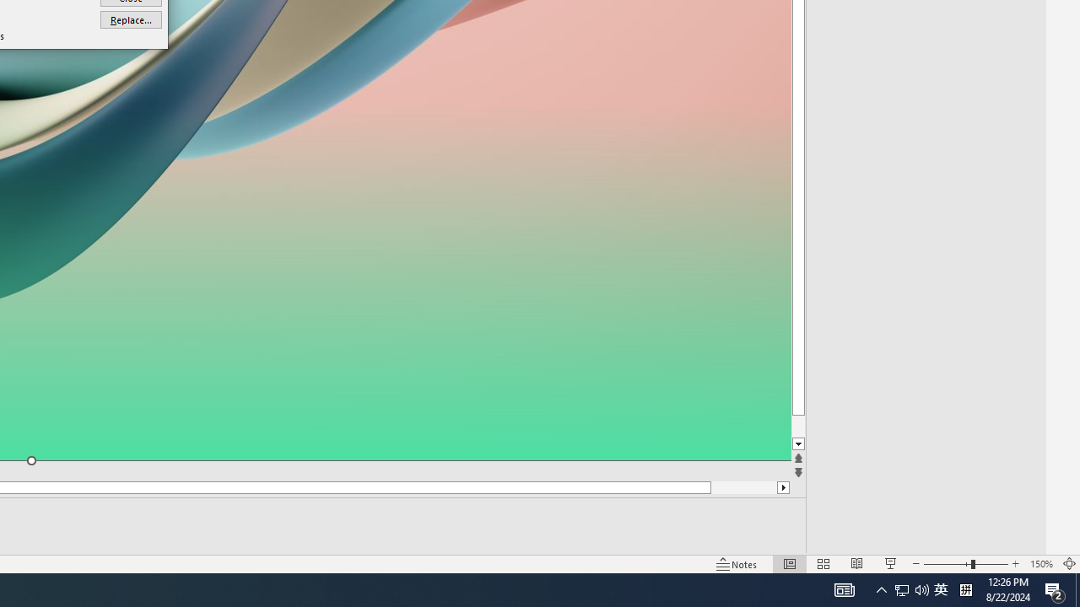 Image resolution: width=1080 pixels, height=607 pixels. I want to click on 'Zoom 150%', so click(1040, 564).